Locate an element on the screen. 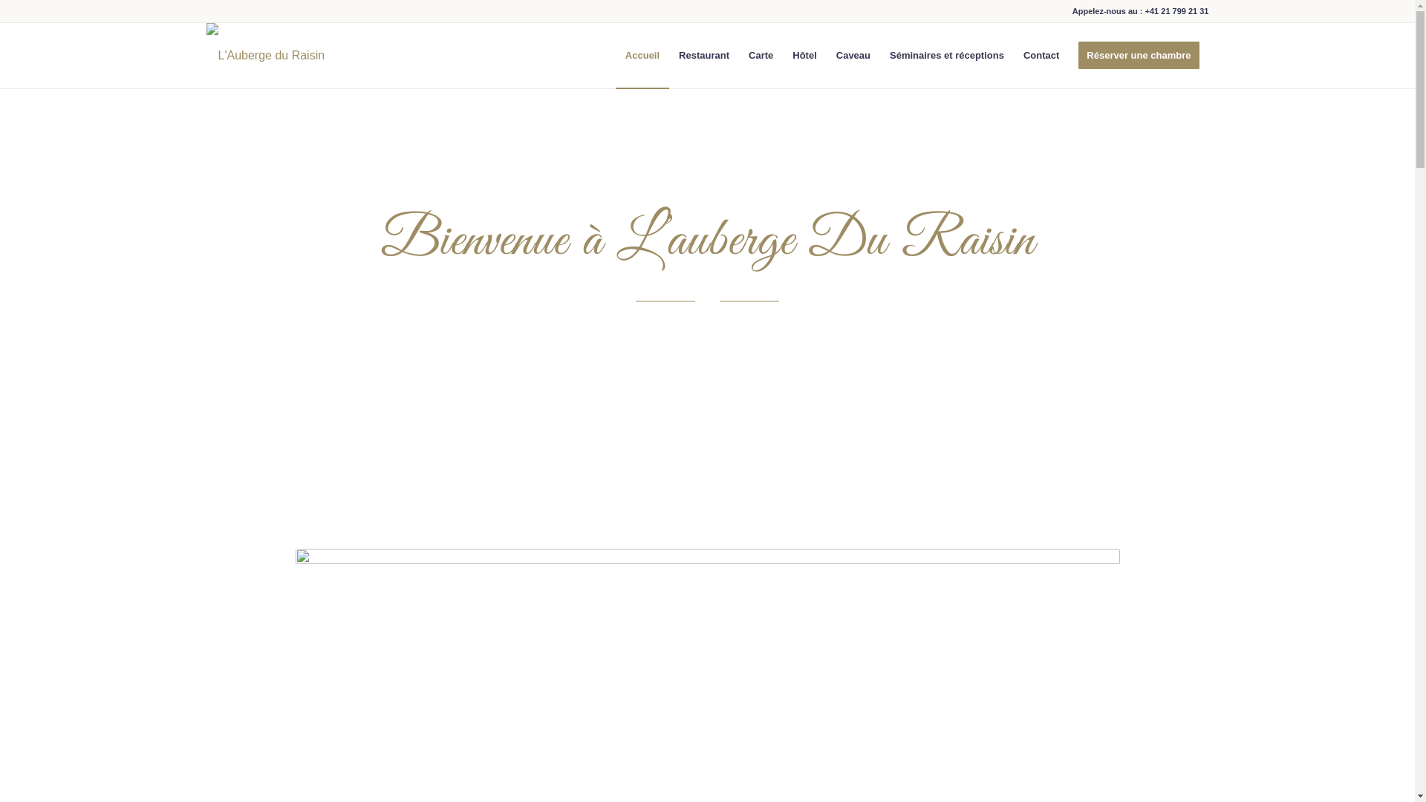  '+41 21 799 21 31' is located at coordinates (1144, 11).